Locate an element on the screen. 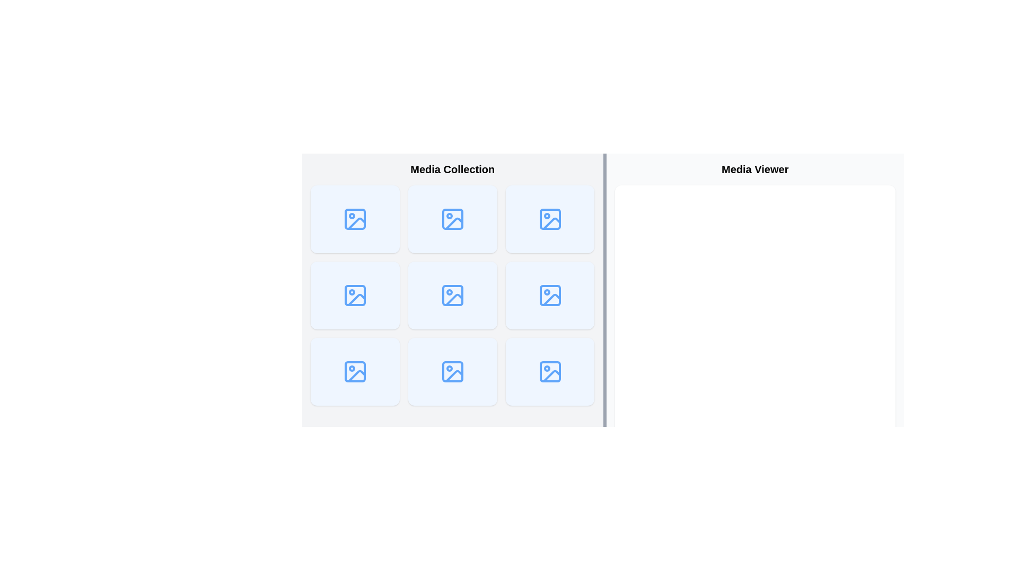 The height and width of the screenshot is (572, 1018). the Decorative UI component within the image thumbnail icon located at the center of the top-center cell in the 'Media Collection' section is located at coordinates (452, 218).